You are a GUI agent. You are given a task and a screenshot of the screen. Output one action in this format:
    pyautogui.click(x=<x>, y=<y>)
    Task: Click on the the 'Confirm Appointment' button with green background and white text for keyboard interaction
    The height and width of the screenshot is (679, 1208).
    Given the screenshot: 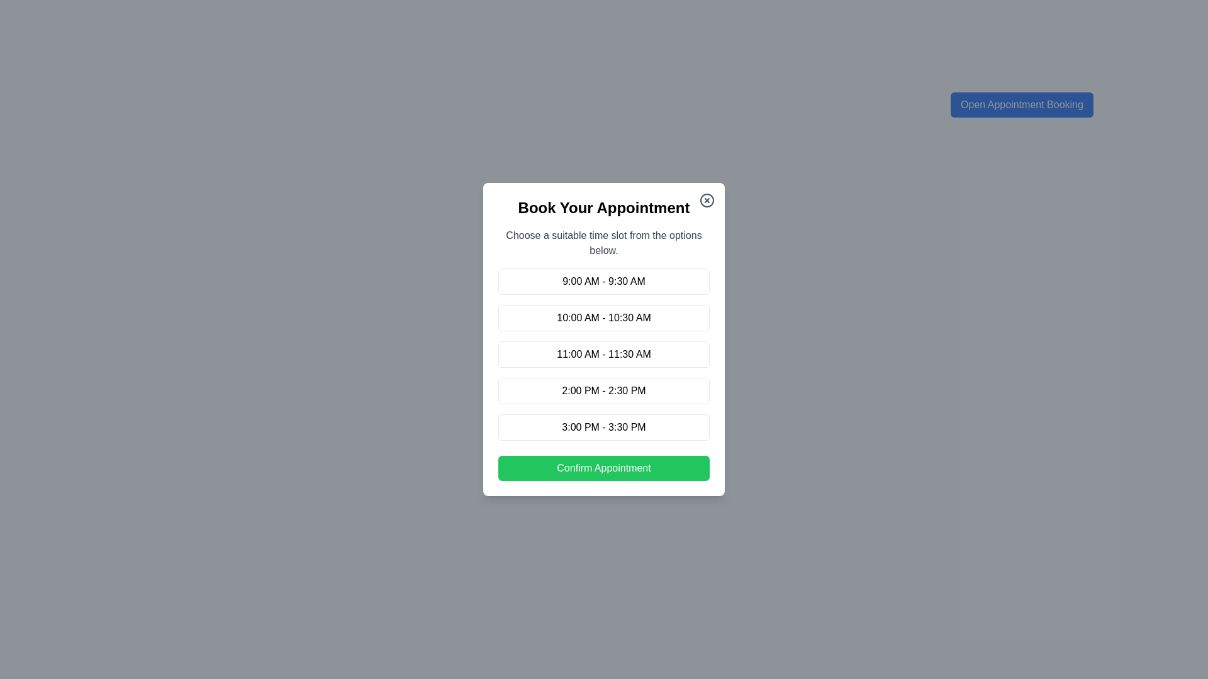 What is the action you would take?
    pyautogui.click(x=604, y=468)
    